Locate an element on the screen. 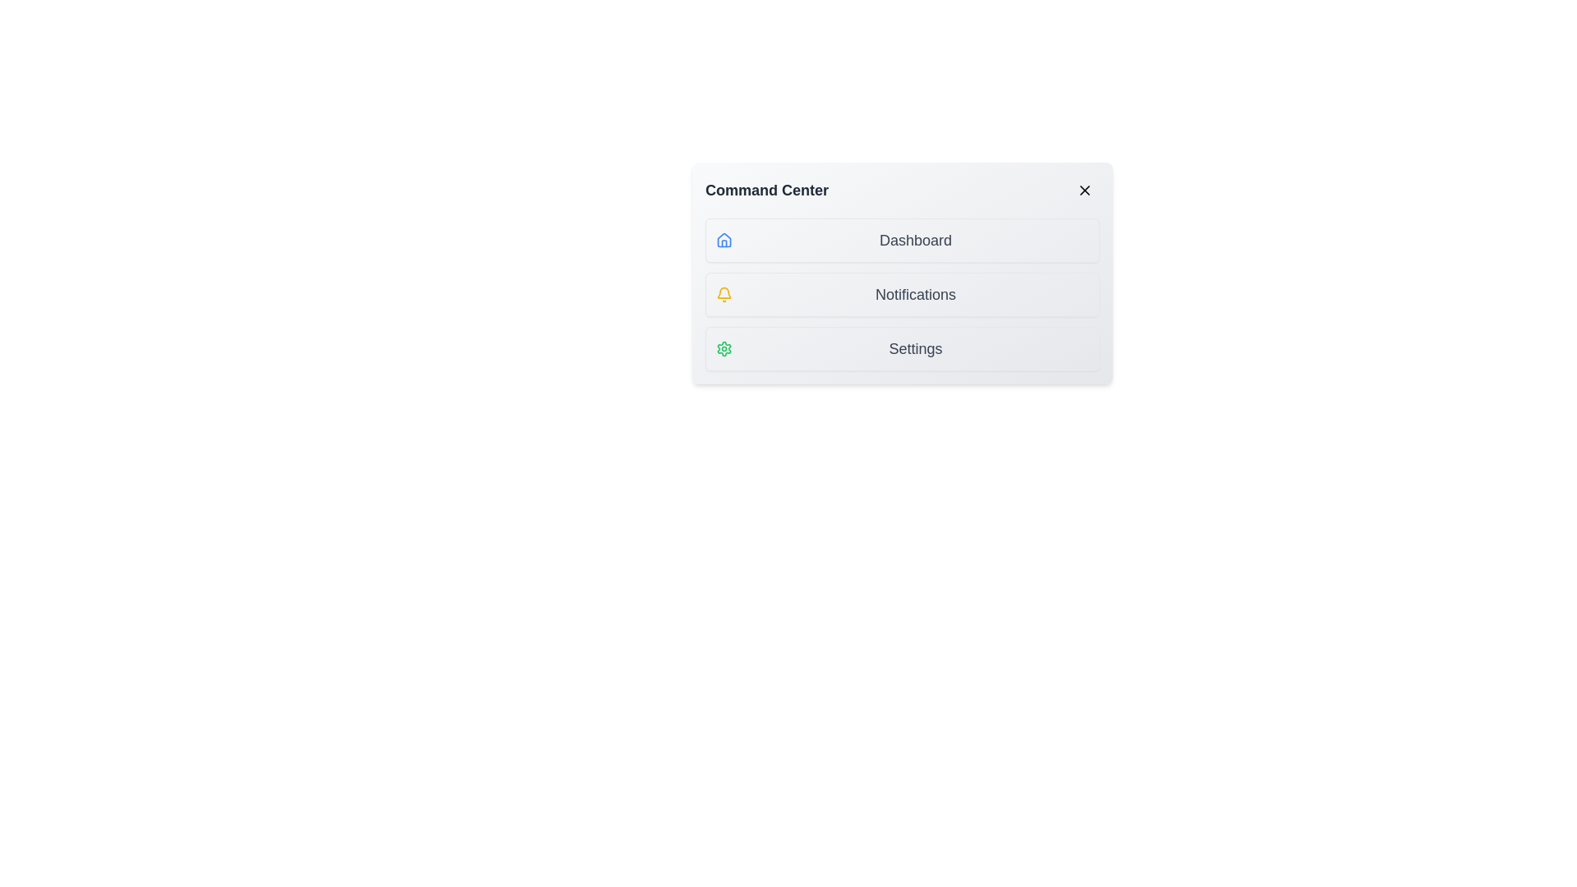 This screenshot has height=887, width=1577. the close icon located in the top-right corner of the 'Command Center' panel is located at coordinates (1084, 189).